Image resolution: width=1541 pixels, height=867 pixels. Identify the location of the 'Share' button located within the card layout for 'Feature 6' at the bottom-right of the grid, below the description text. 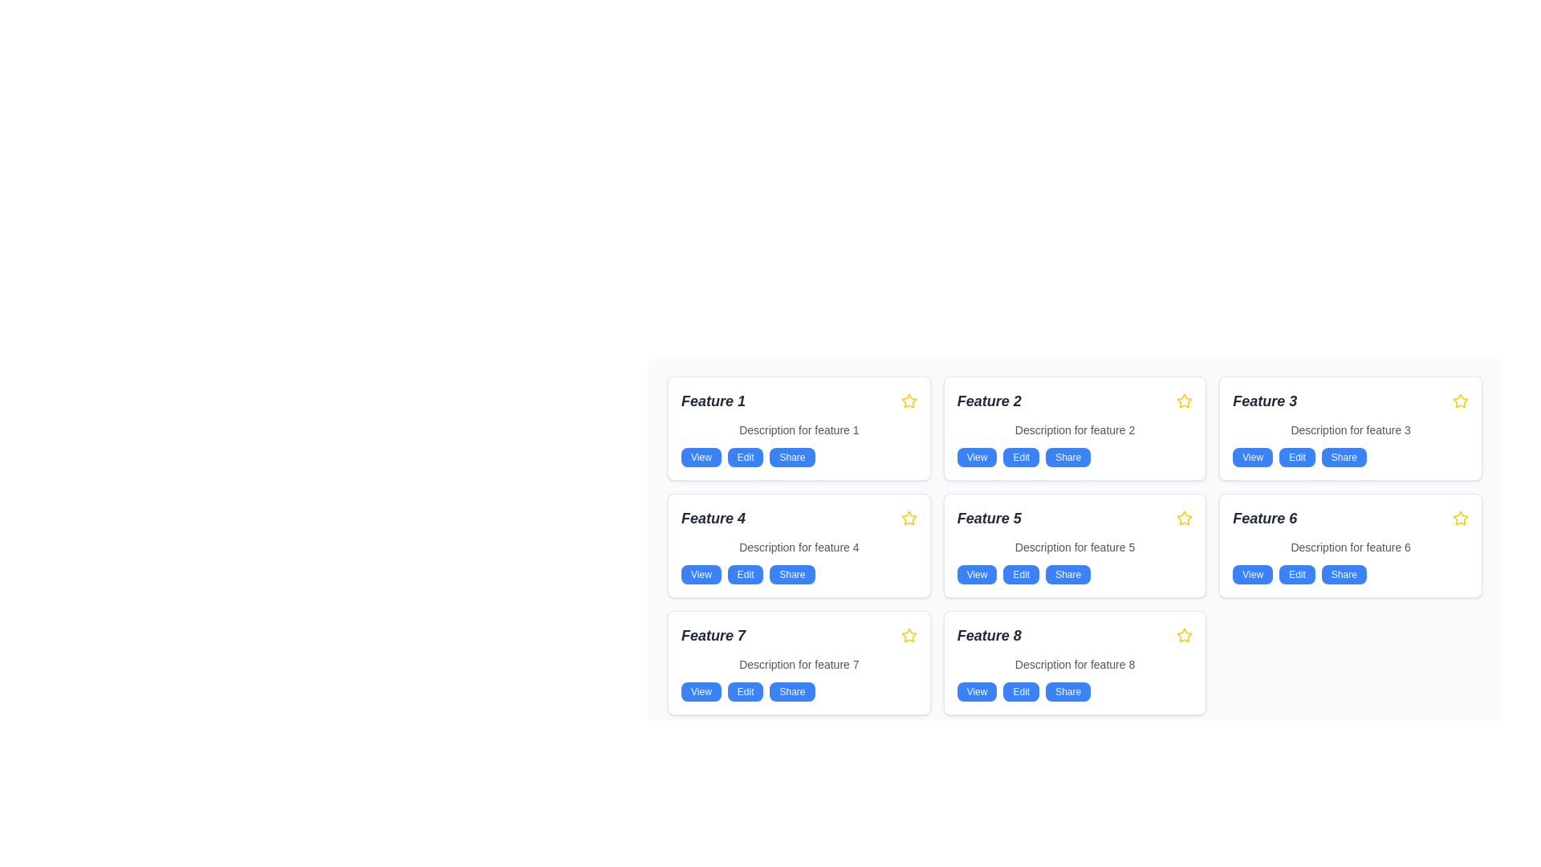
(1350, 574).